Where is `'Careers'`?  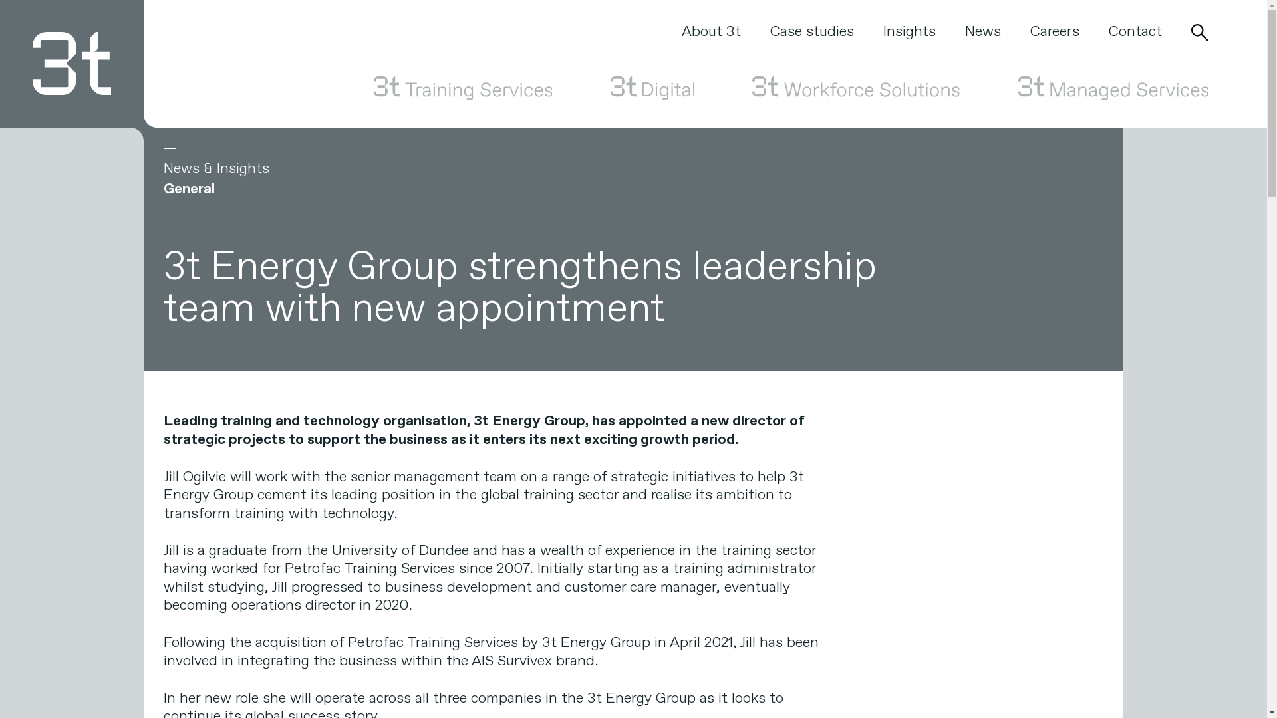
'Careers' is located at coordinates (1054, 31).